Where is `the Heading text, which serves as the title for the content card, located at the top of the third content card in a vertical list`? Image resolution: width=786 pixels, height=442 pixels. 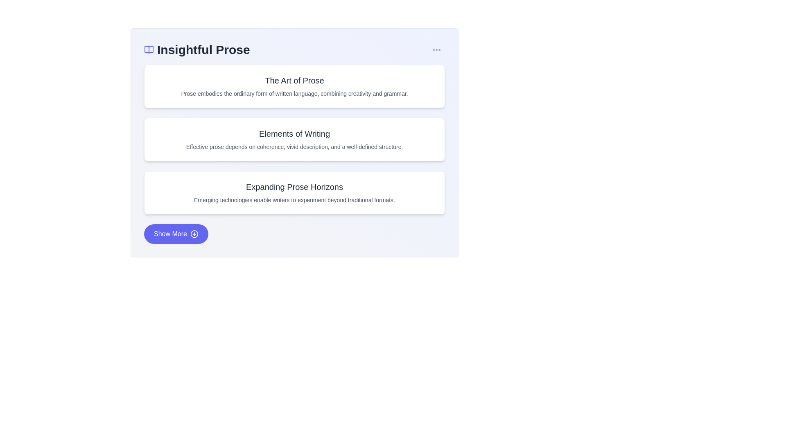
the Heading text, which serves as the title for the content card, located at the top of the third content card in a vertical list is located at coordinates (294, 187).